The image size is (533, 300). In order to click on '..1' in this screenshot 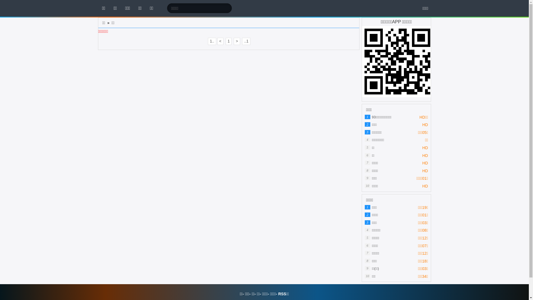, I will do `click(246, 41)`.